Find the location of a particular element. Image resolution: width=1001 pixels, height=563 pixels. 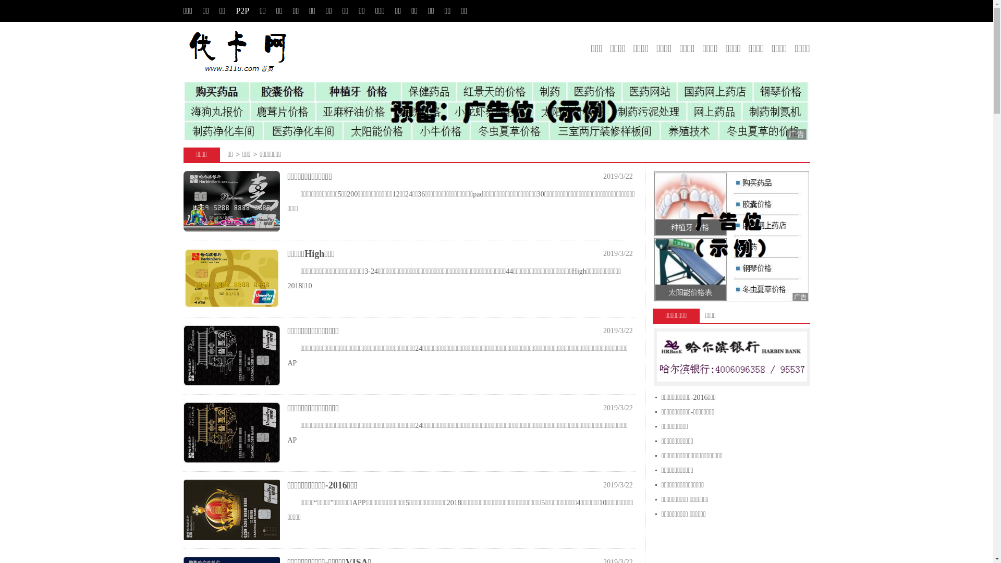

'P2P' is located at coordinates (235, 10).